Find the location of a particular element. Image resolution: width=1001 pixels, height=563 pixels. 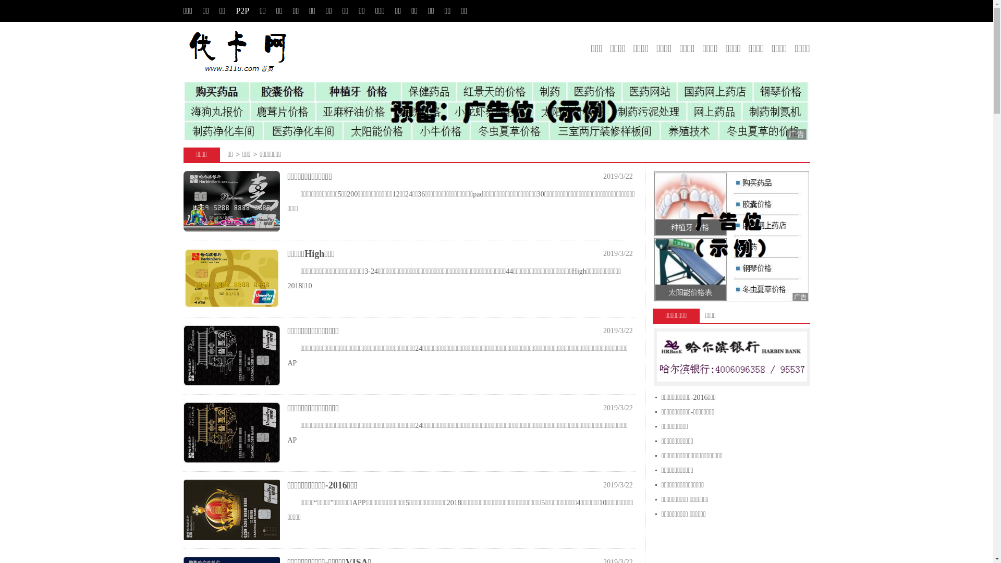

'P2P' is located at coordinates (235, 10).